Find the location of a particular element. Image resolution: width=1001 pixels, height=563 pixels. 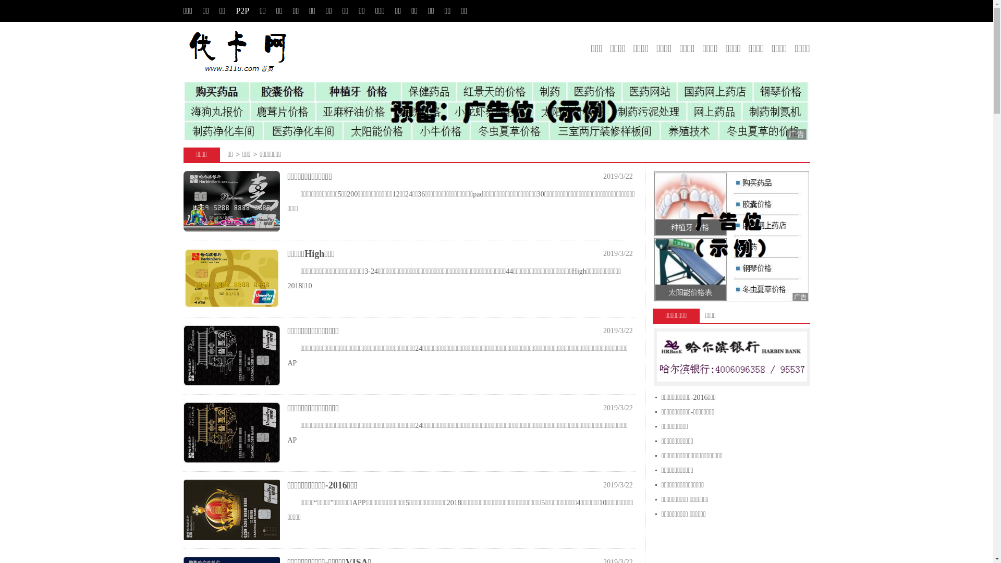

'P2P' is located at coordinates (235, 10).